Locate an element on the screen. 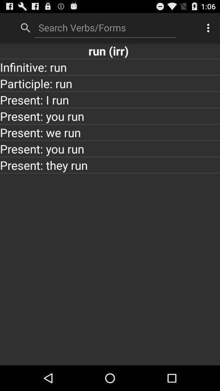 Image resolution: width=220 pixels, height=391 pixels. icon above the infinitive: run item is located at coordinates (110, 50).